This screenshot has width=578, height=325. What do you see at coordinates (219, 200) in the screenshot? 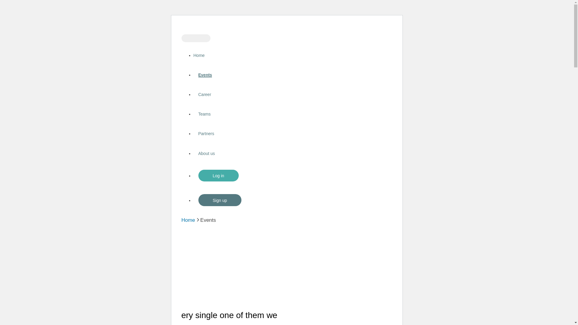
I see `'Sign up'` at bounding box center [219, 200].